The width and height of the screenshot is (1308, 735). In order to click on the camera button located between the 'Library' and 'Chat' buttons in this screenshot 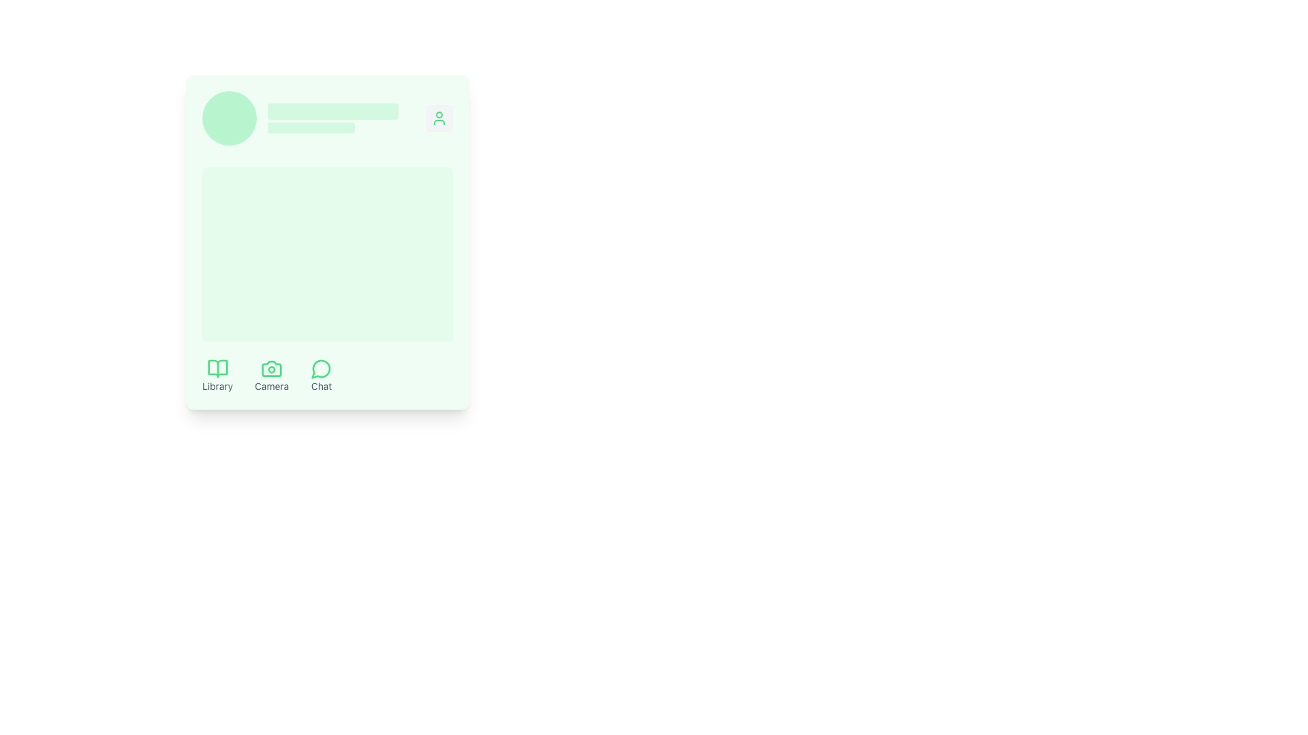, I will do `click(271, 375)`.